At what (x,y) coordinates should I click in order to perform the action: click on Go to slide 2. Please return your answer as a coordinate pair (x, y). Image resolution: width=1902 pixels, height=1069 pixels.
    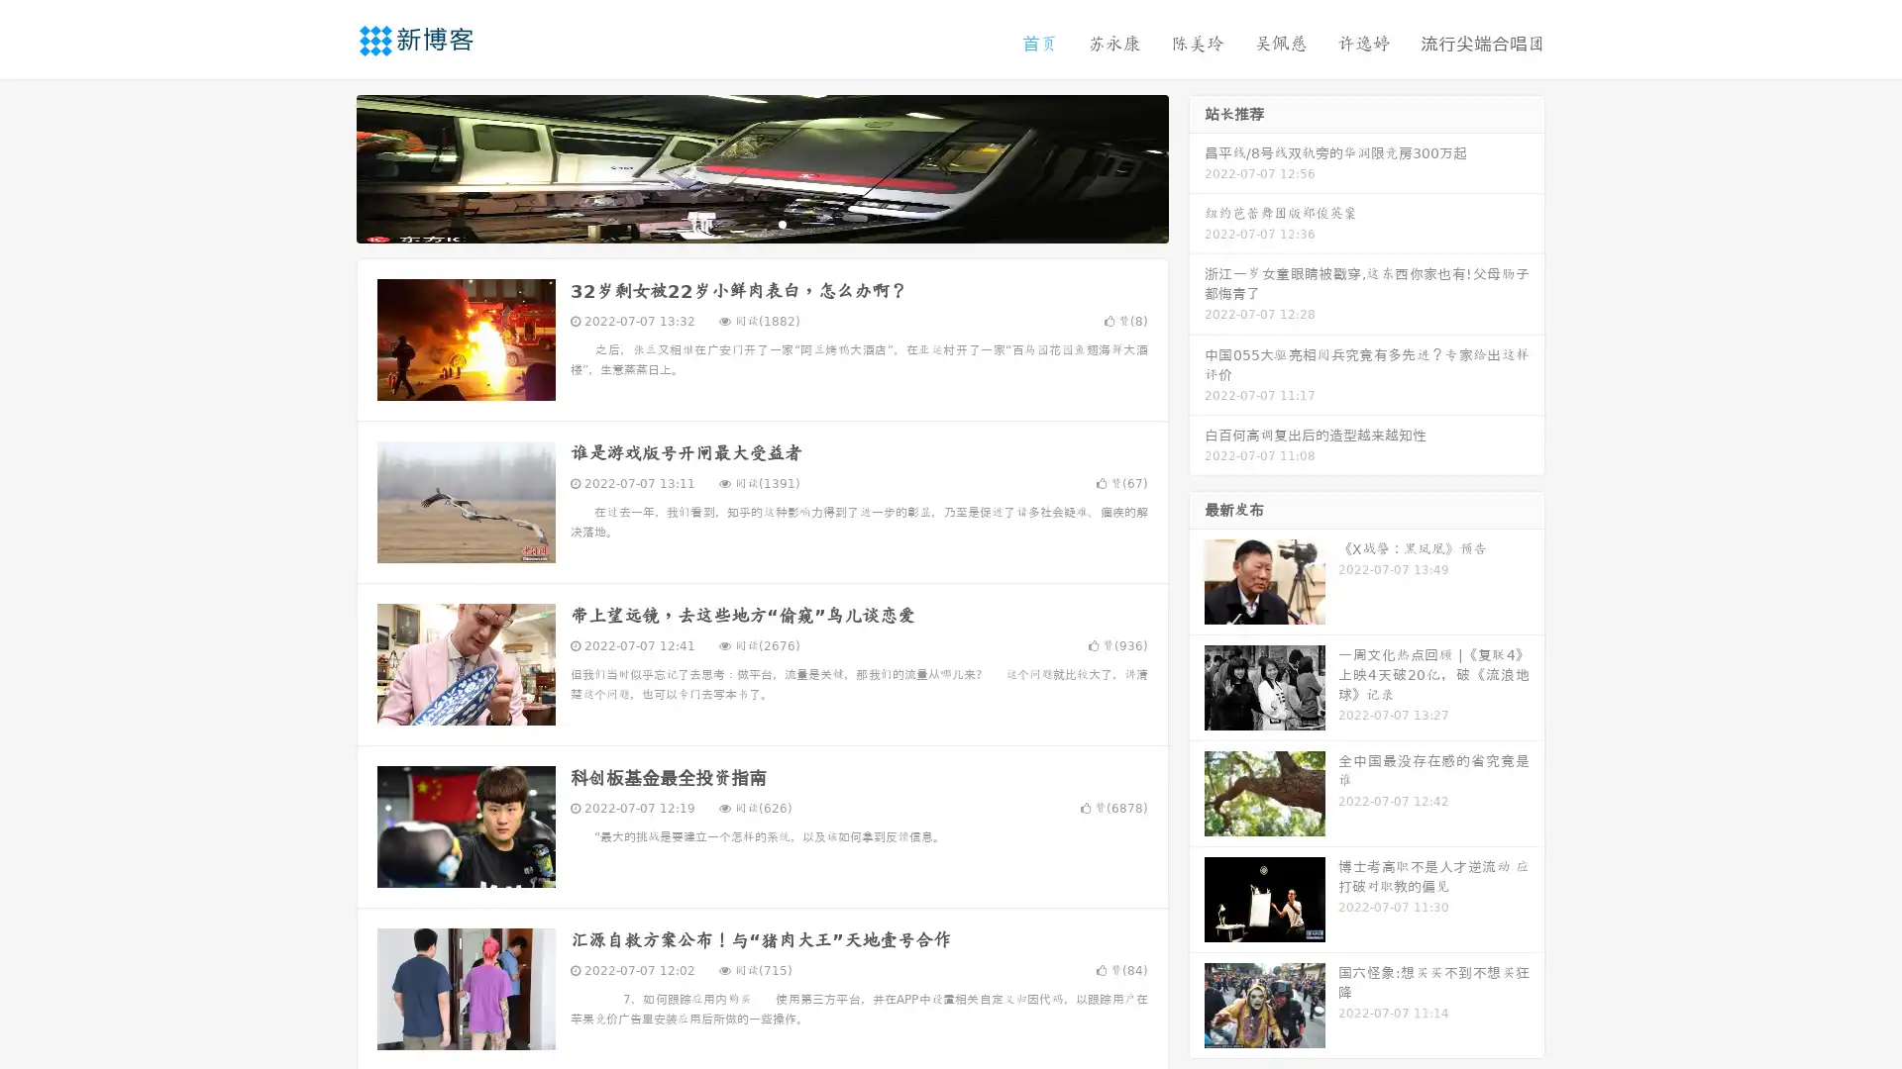
    Looking at the image, I should click on (761, 223).